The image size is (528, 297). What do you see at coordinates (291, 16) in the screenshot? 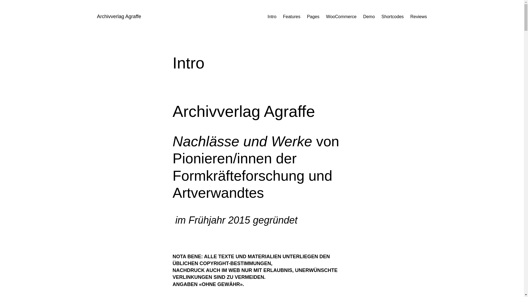
I see `'Features'` at bounding box center [291, 16].